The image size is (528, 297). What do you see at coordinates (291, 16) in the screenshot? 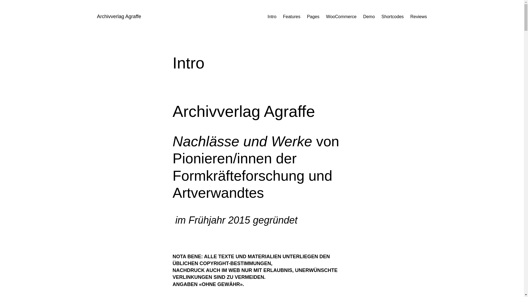
I see `'Features'` at bounding box center [291, 16].